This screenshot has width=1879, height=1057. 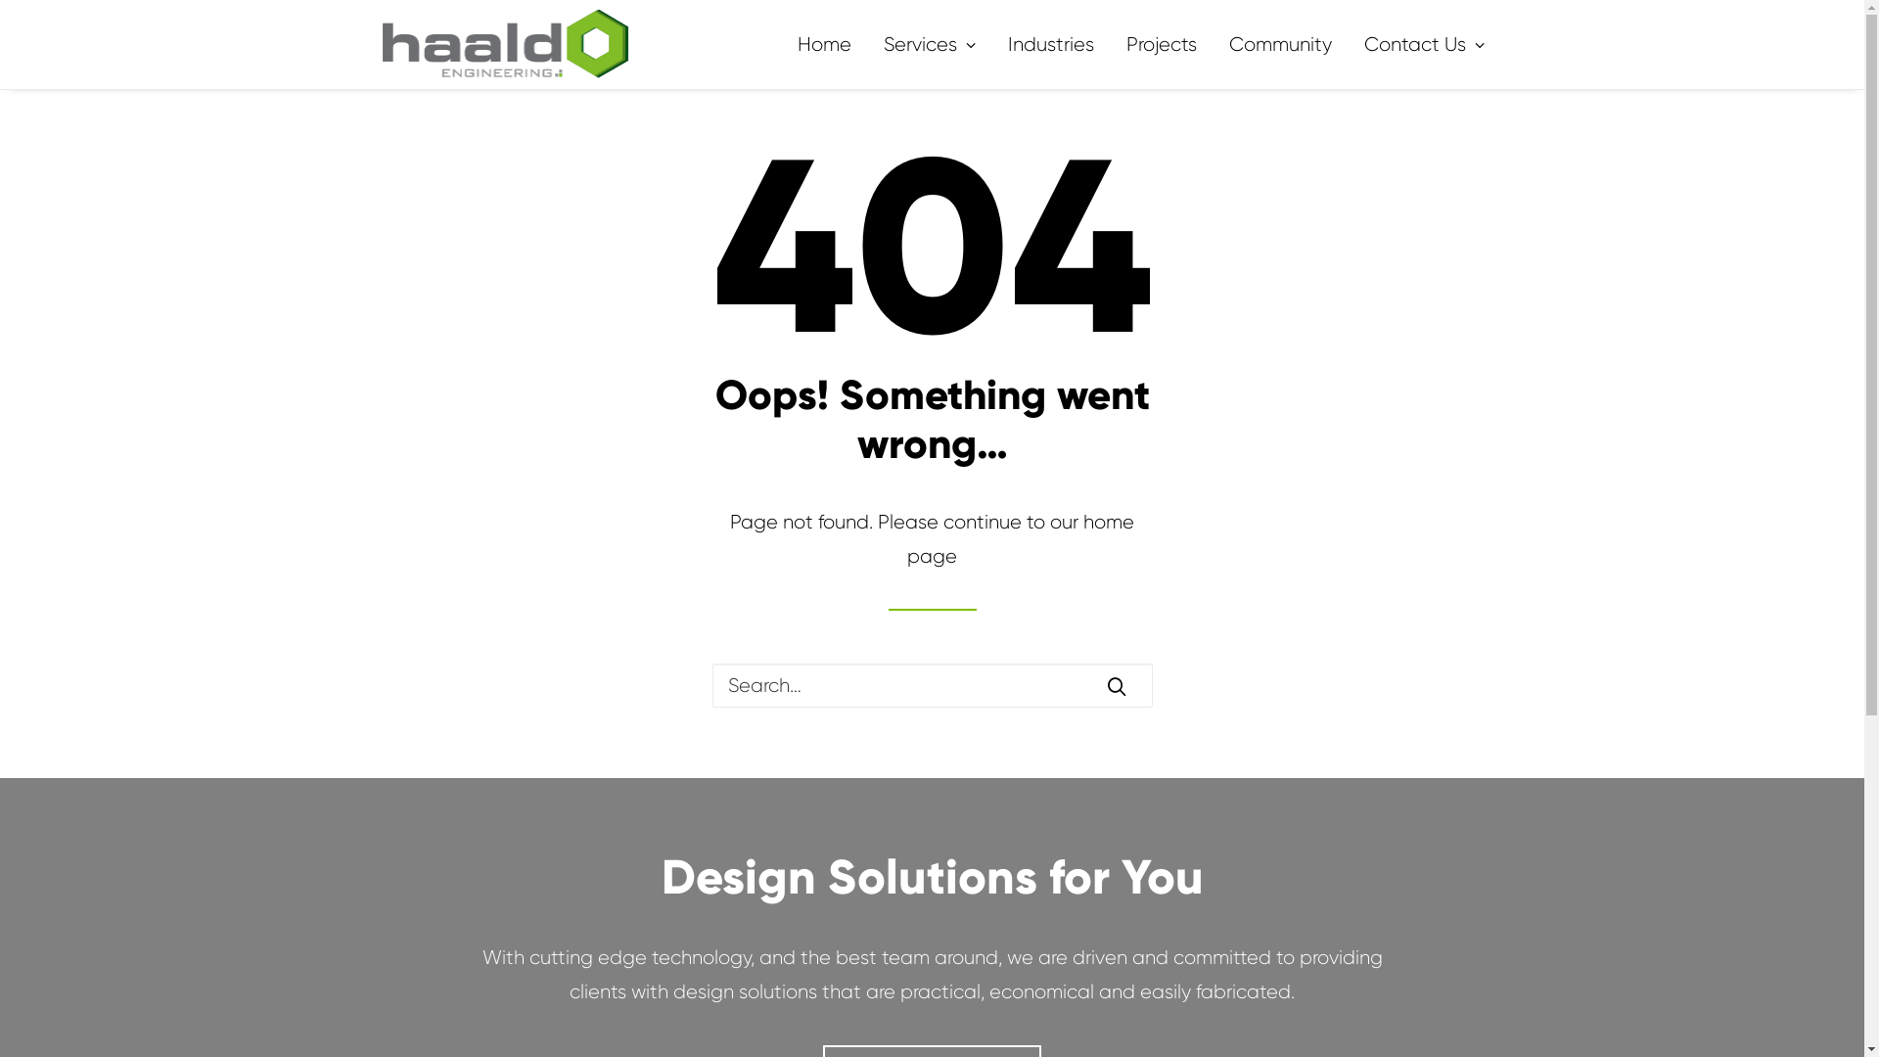 What do you see at coordinates (1019, 539) in the screenshot?
I see `'home page'` at bounding box center [1019, 539].